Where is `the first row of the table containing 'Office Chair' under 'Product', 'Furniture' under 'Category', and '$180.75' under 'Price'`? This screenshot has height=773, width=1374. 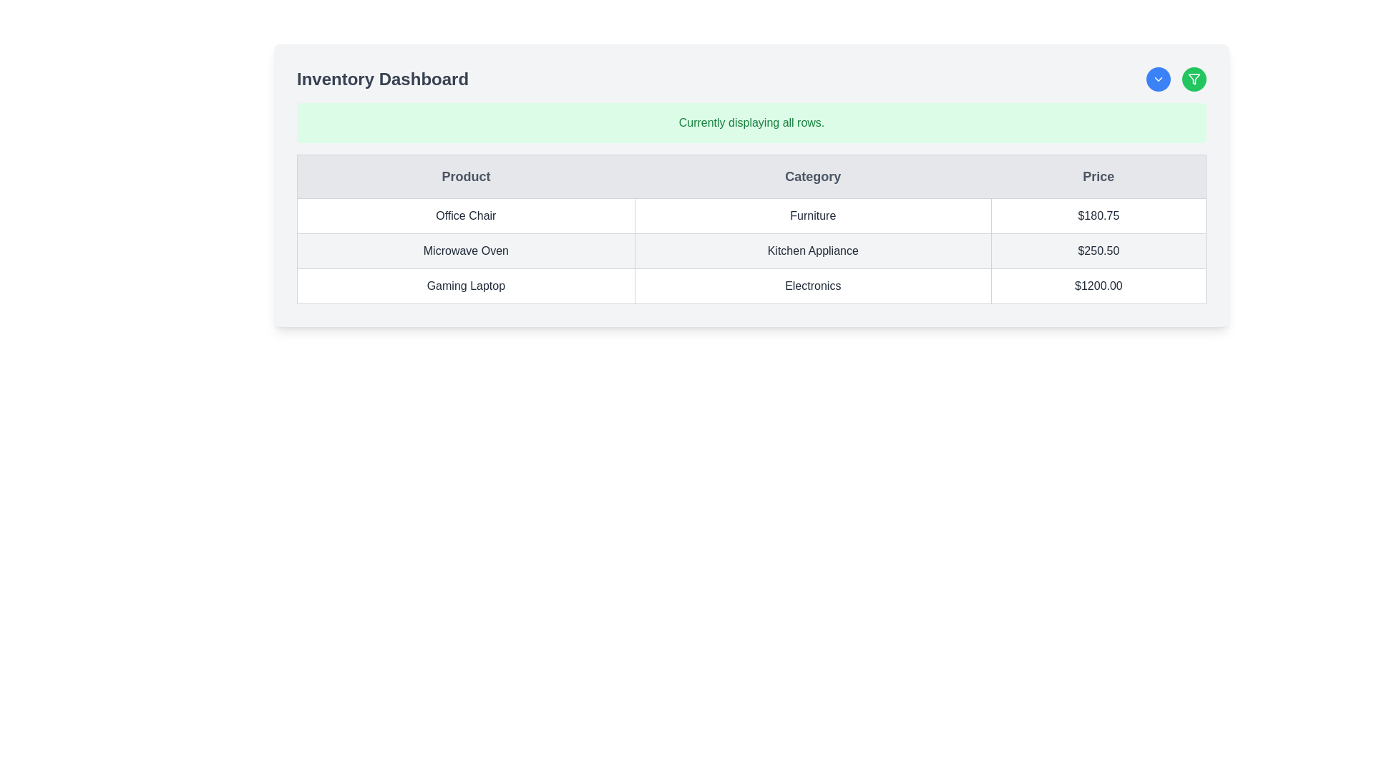 the first row of the table containing 'Office Chair' under 'Product', 'Furniture' under 'Category', and '$180.75' under 'Price' is located at coordinates (751, 215).